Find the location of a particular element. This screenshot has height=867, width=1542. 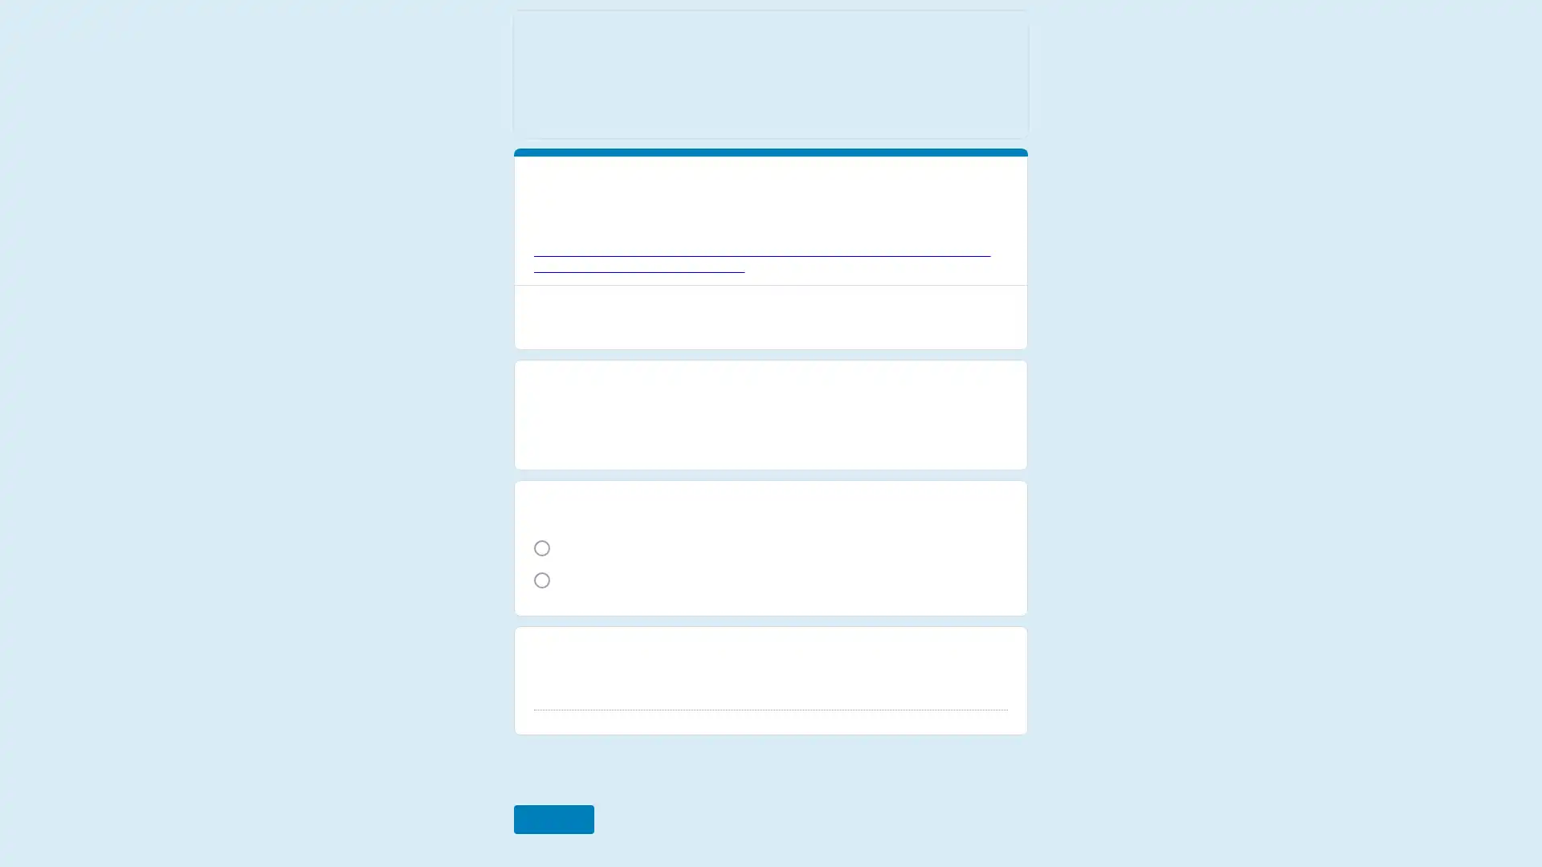

Submit is located at coordinates (552, 804).